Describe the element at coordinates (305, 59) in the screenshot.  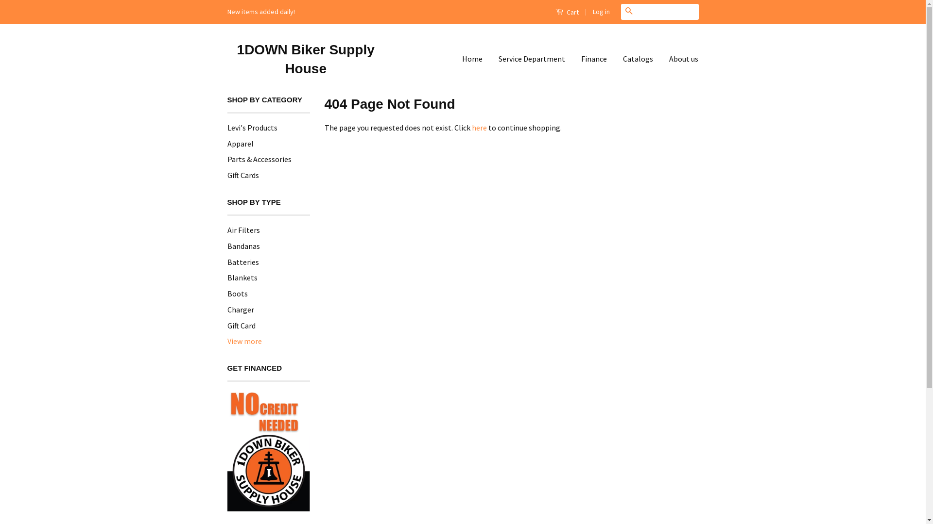
I see `'1DOWN Biker Supply House'` at that location.